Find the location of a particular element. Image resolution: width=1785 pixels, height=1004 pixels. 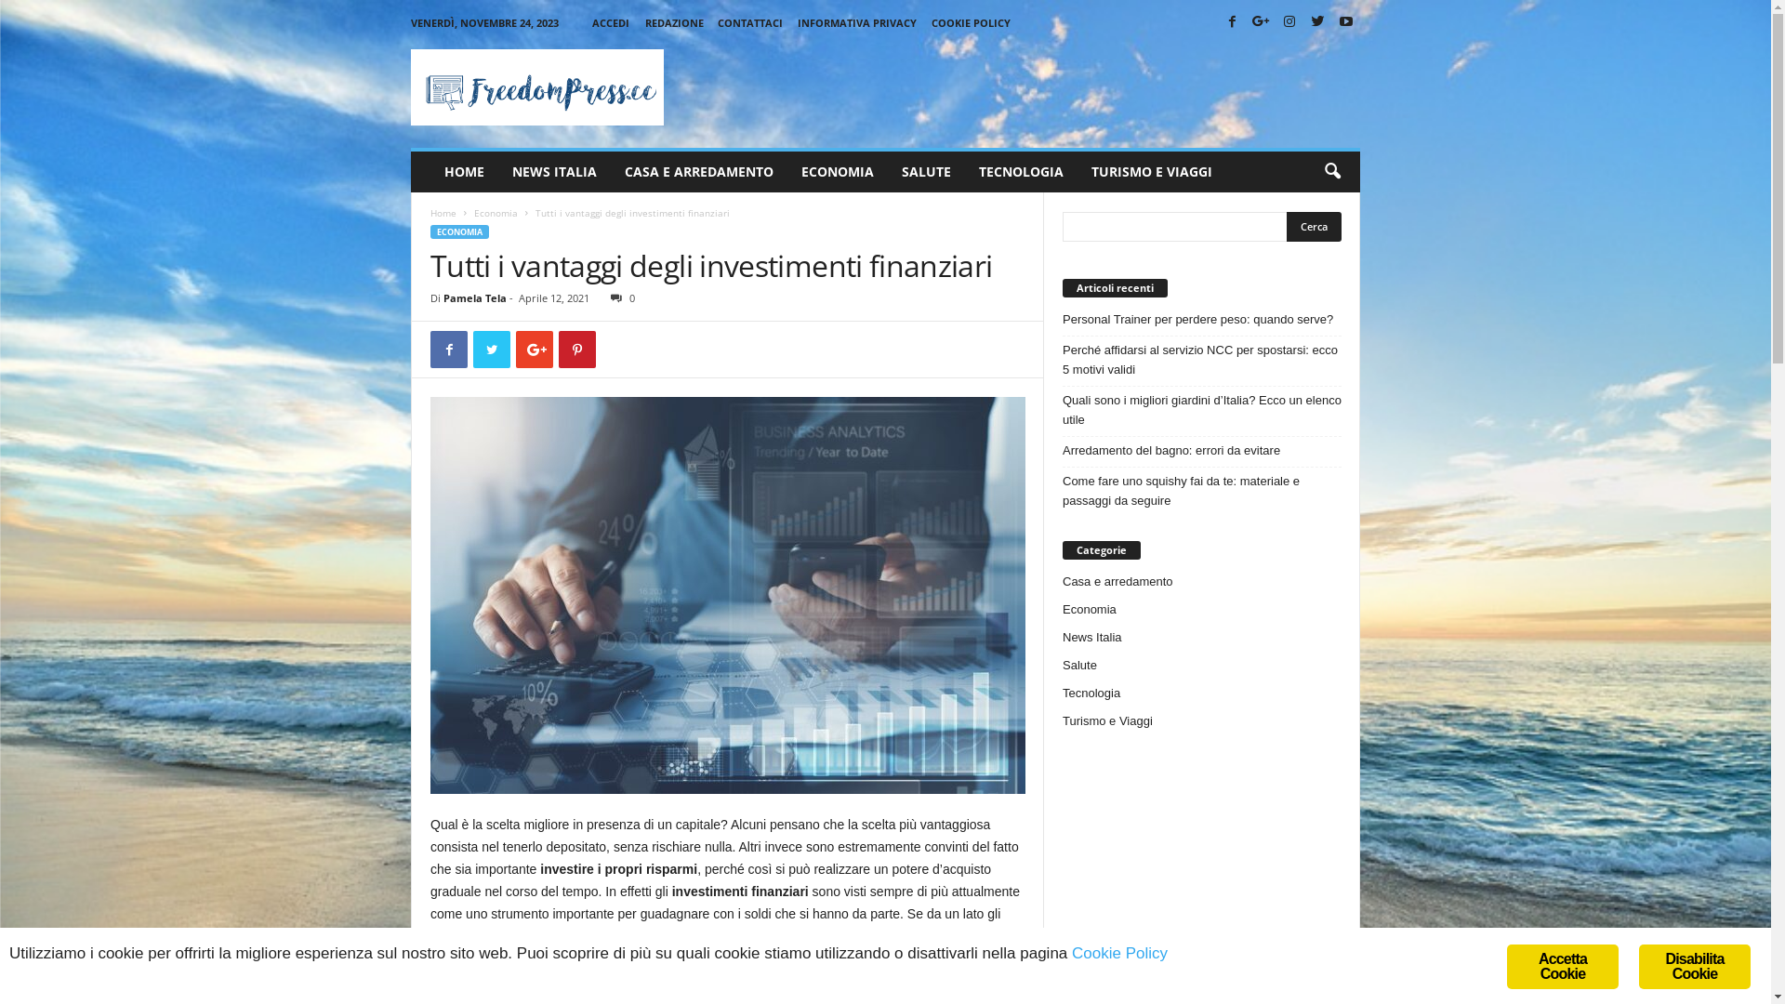

'Accetta Cookie' is located at coordinates (1562, 966).